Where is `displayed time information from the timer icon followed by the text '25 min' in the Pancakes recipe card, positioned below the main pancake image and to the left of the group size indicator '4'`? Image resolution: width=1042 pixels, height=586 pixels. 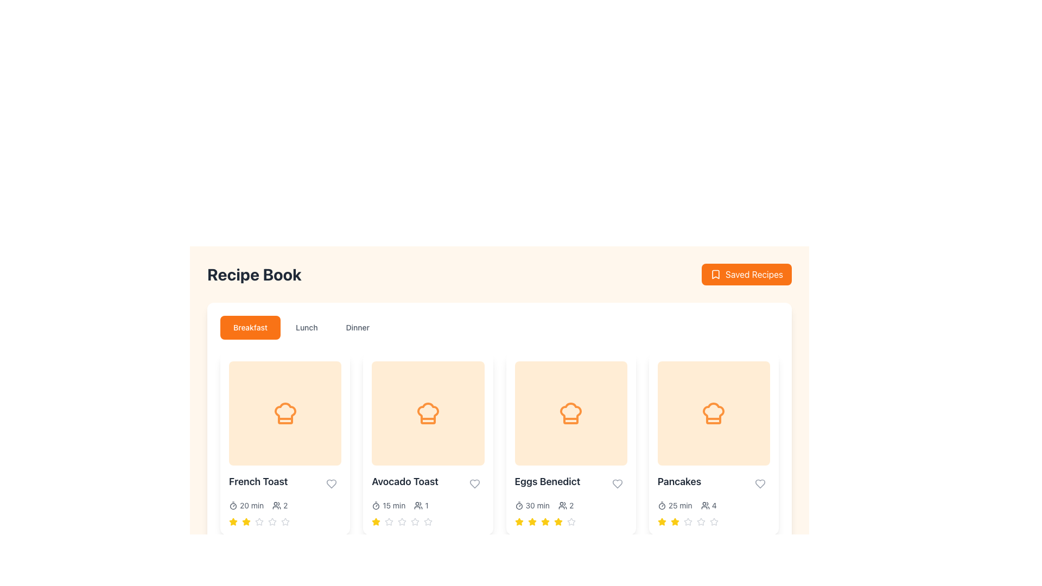 displayed time information from the timer icon followed by the text '25 min' in the Pancakes recipe card, positioned below the main pancake image and to the left of the group size indicator '4' is located at coordinates (674, 506).